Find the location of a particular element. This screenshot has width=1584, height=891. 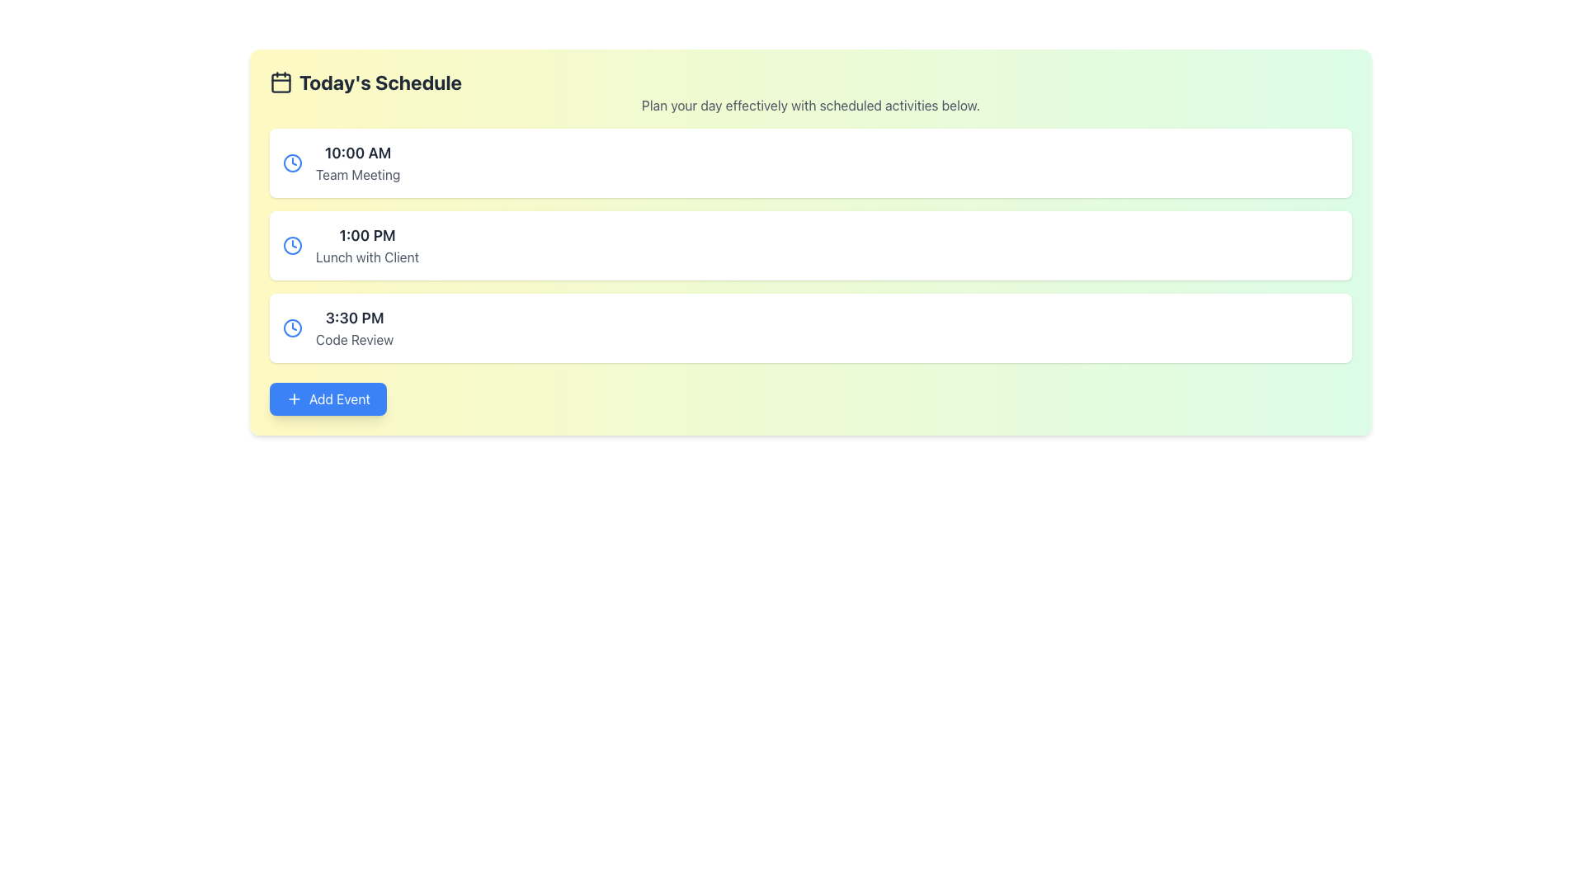

the time label displaying '3:30 PM' located at the top left of the third event card, above 'Code Review' is located at coordinates (354, 318).